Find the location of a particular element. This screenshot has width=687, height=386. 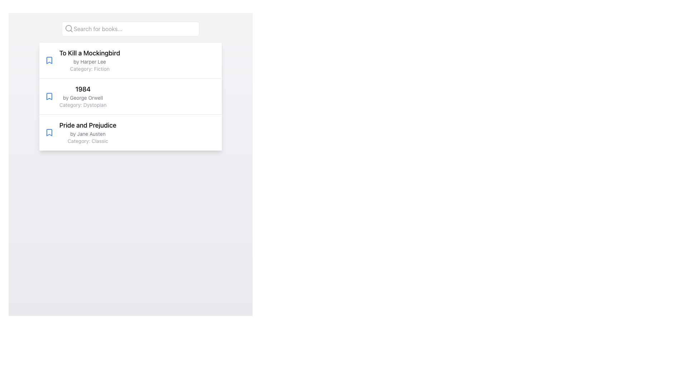

the text label that attributes the author of 'Pride and Prejudice', positioned below the title and above the category text is located at coordinates (87, 134).